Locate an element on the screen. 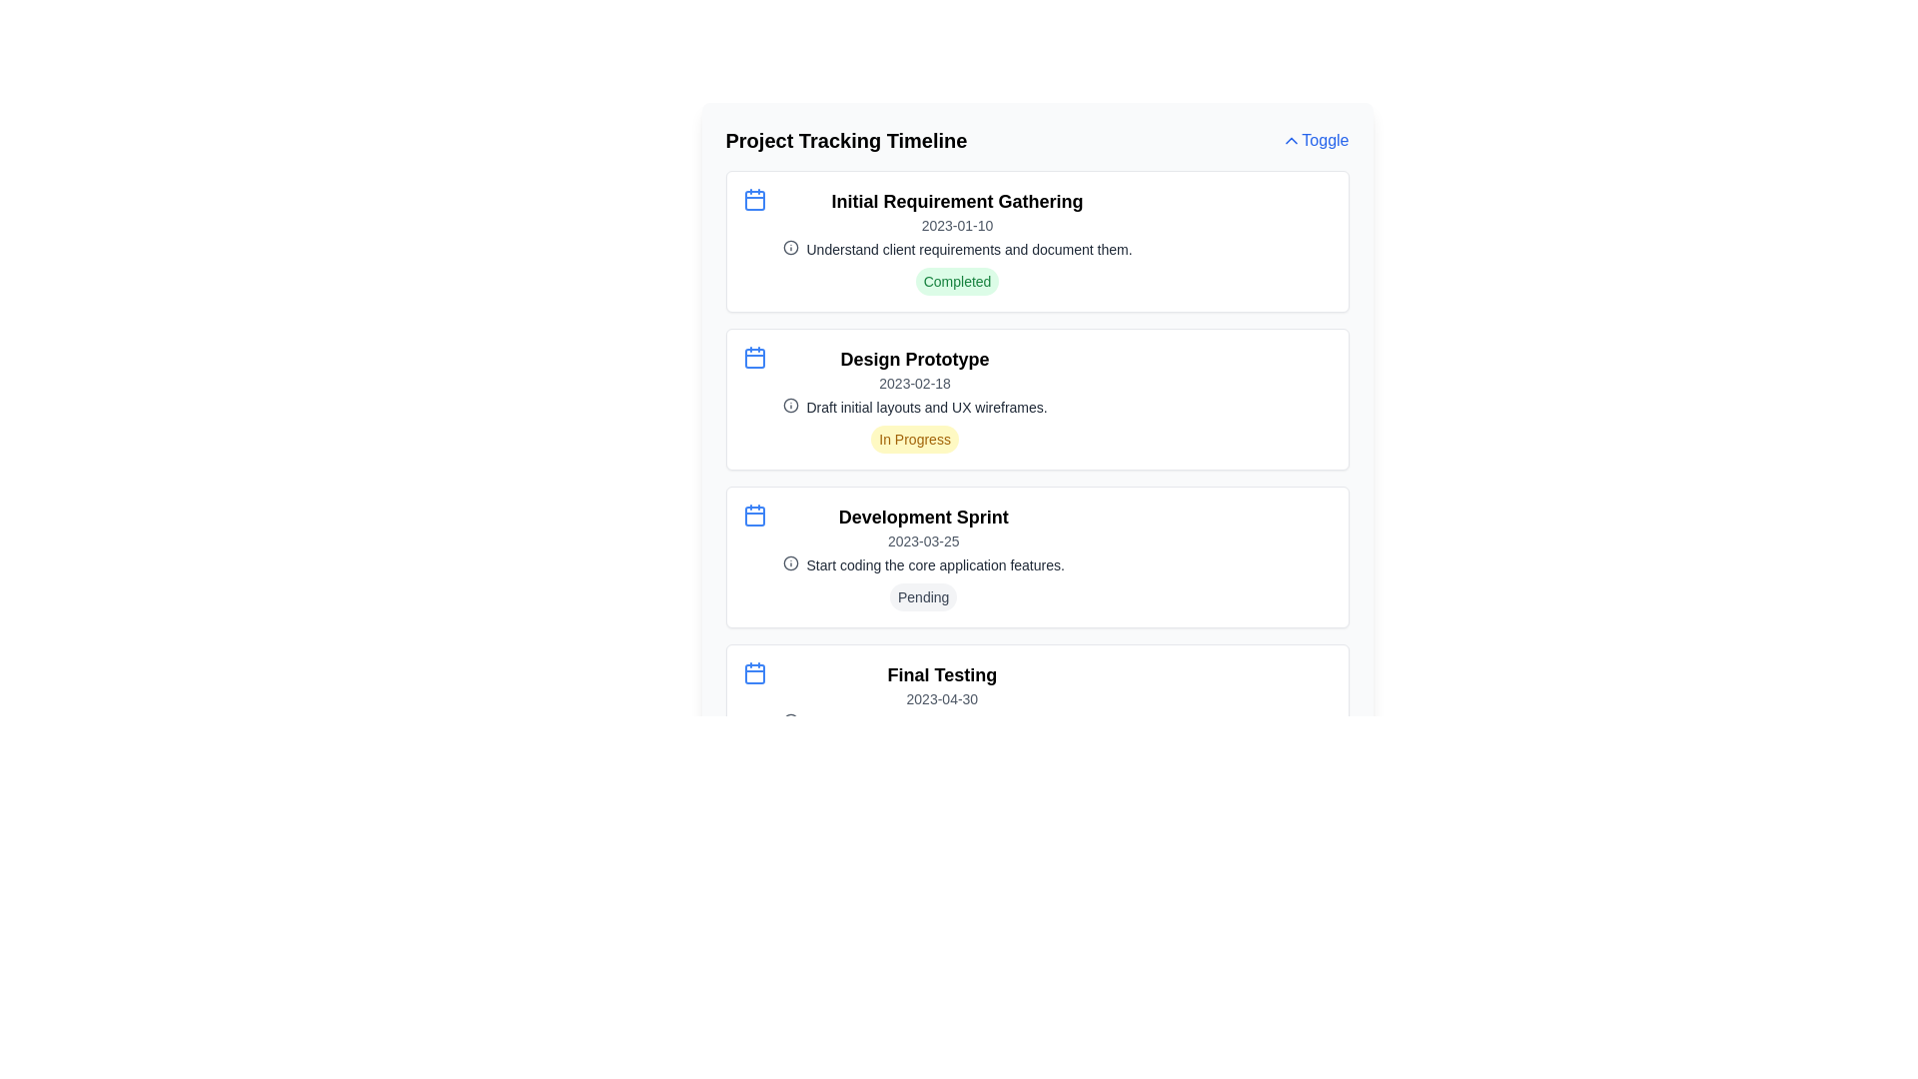 This screenshot has height=1079, width=1918. the badge labeled 'In Progress' with a yellow background and darker yellow text, located under 'Draft initial layouts and UX wireframes.' in the 'Design Prototype' section is located at coordinates (914, 438).